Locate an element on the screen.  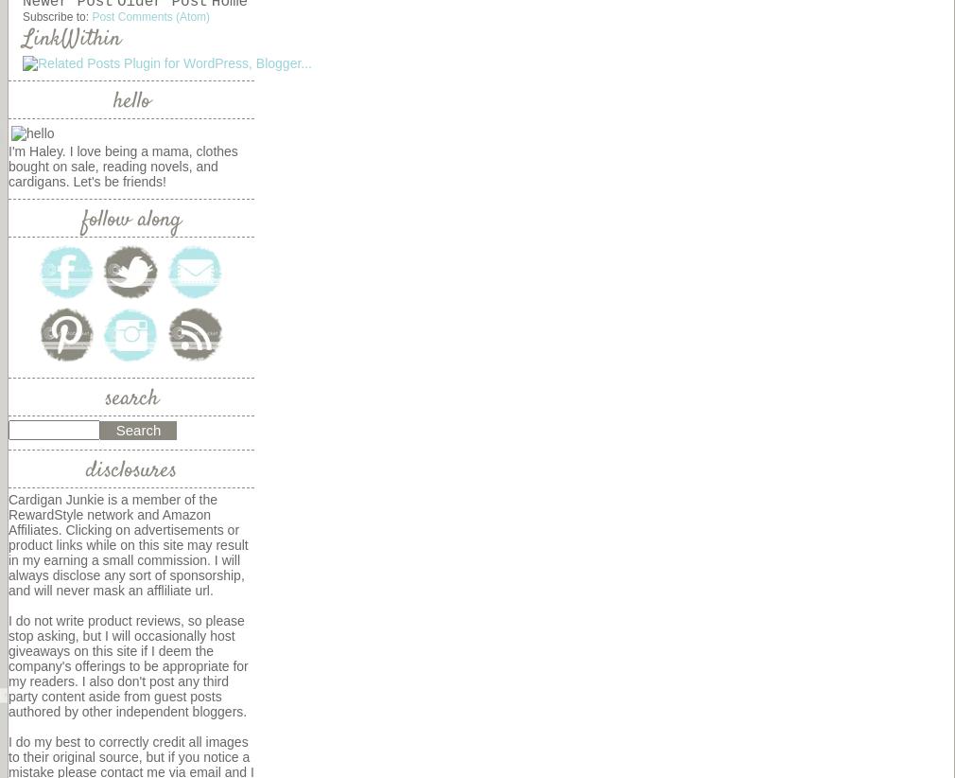
'follow along' is located at coordinates (130, 221).